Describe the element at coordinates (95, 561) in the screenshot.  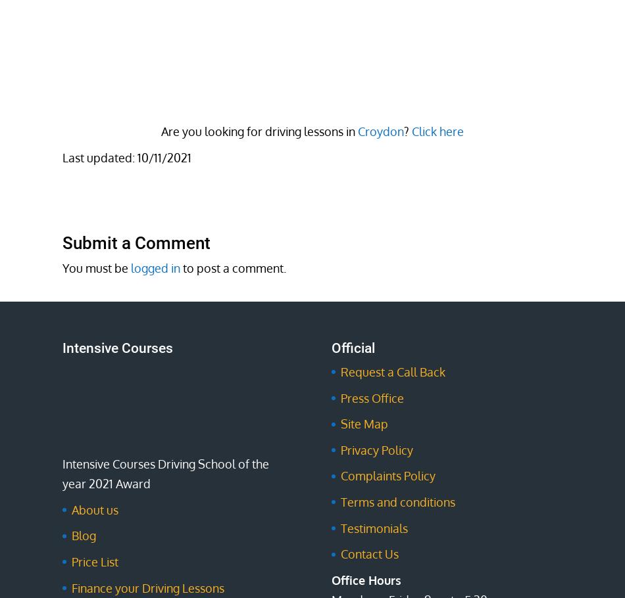
I see `'Price List'` at that location.